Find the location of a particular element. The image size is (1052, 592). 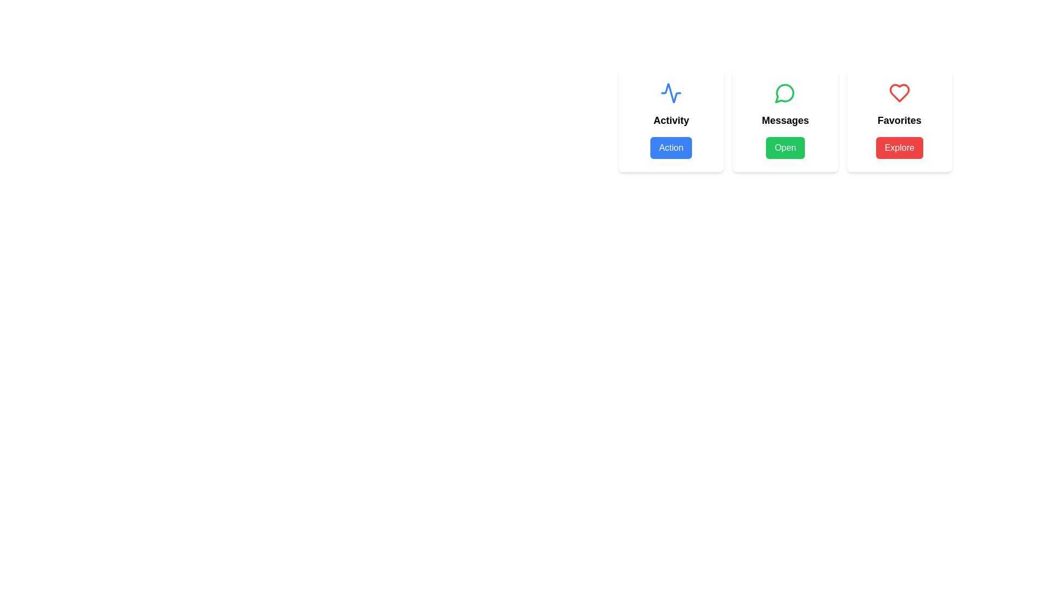

the 'Open' button located at the bottom of the Messages card, which is the second card in the grid layout is located at coordinates (785, 120).